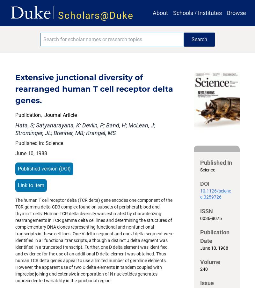 The height and width of the screenshot is (288, 255). I want to click on 'Published version (DOI)', so click(44, 168).